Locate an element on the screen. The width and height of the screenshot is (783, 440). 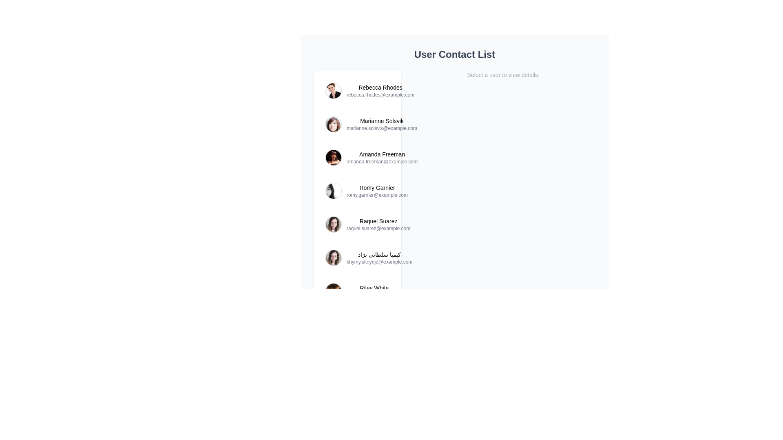
the contact card entry representing a user in the list, specifically the sixth entry positioned below 'Raquel Suarez' and above 'Riley White' is located at coordinates (357, 257).